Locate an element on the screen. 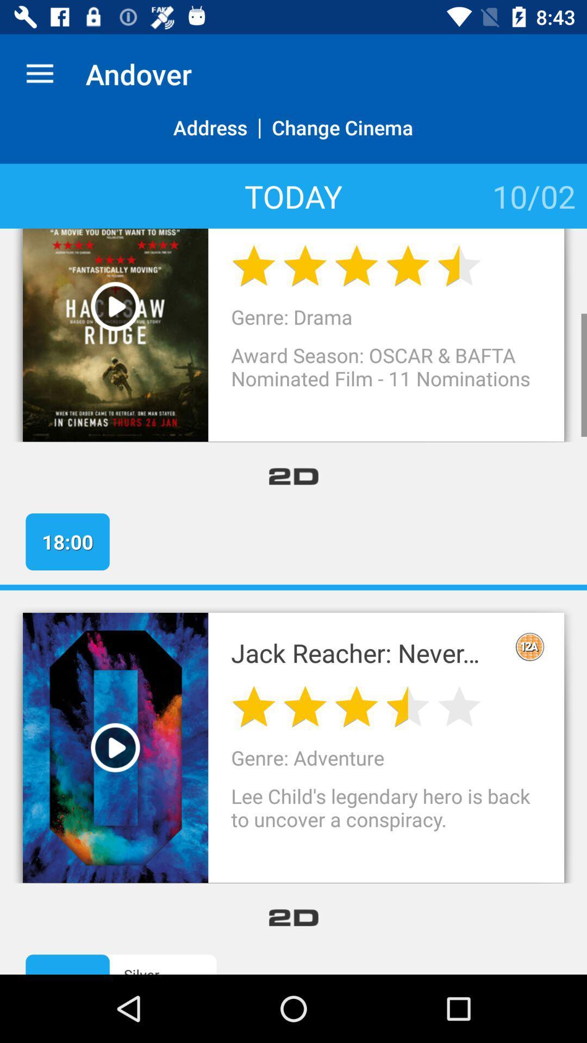 The image size is (587, 1043). video is located at coordinates (115, 306).